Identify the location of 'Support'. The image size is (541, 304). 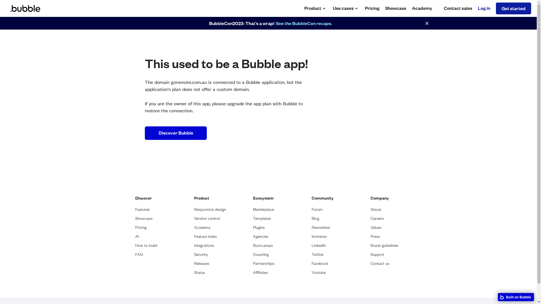
(377, 254).